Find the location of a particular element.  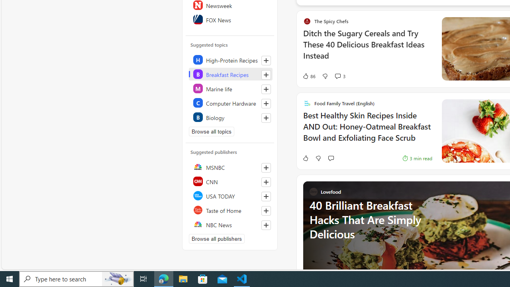

'Class: highlight selected' is located at coordinates (230, 74).